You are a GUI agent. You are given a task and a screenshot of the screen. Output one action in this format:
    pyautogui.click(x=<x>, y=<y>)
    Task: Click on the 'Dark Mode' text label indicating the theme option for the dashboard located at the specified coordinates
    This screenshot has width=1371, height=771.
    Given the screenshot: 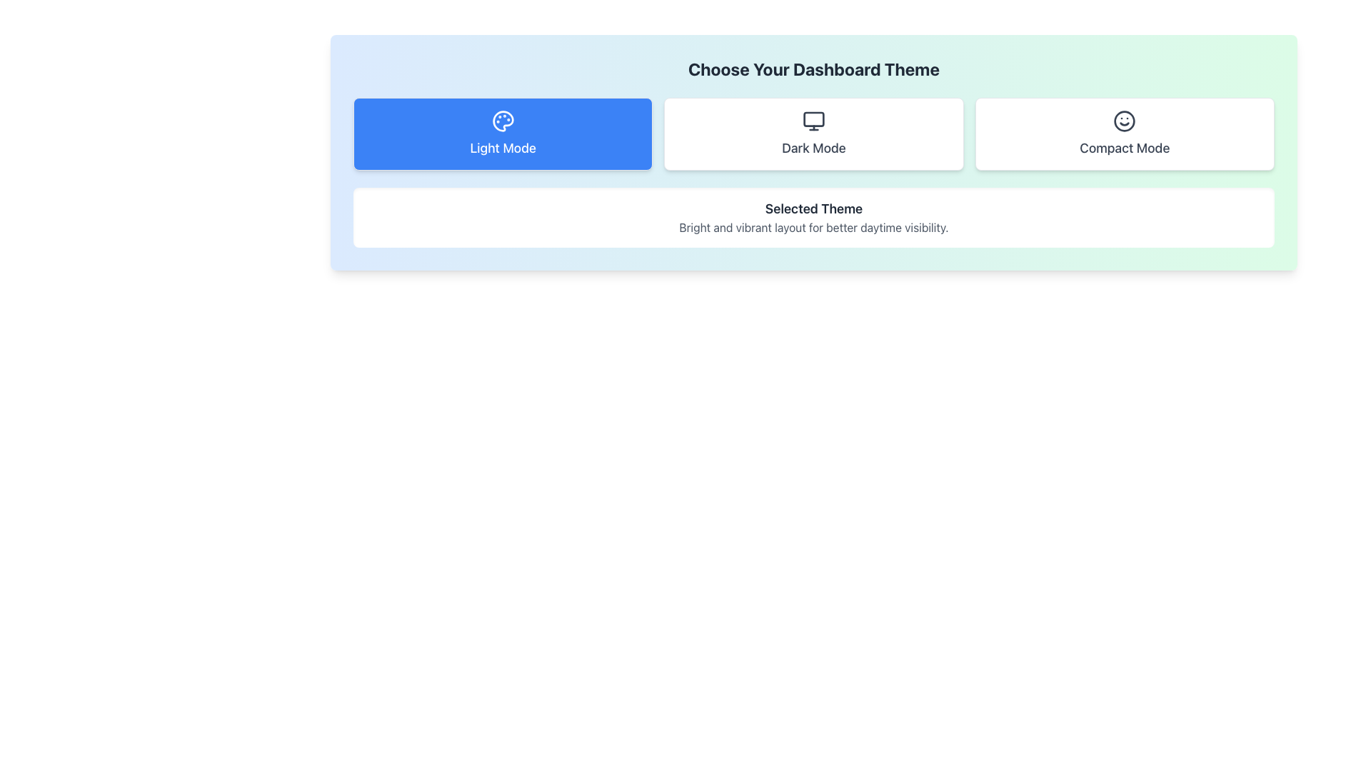 What is the action you would take?
    pyautogui.click(x=813, y=148)
    